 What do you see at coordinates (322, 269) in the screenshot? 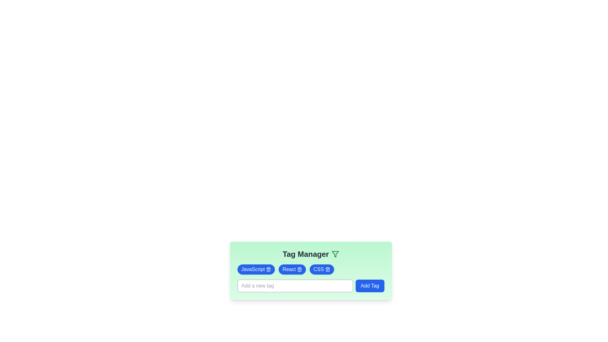
I see `the 'CSS' tag element with a trash icon, which is the third tag in the horizontal list within the 'Tag Manager' component` at bounding box center [322, 269].